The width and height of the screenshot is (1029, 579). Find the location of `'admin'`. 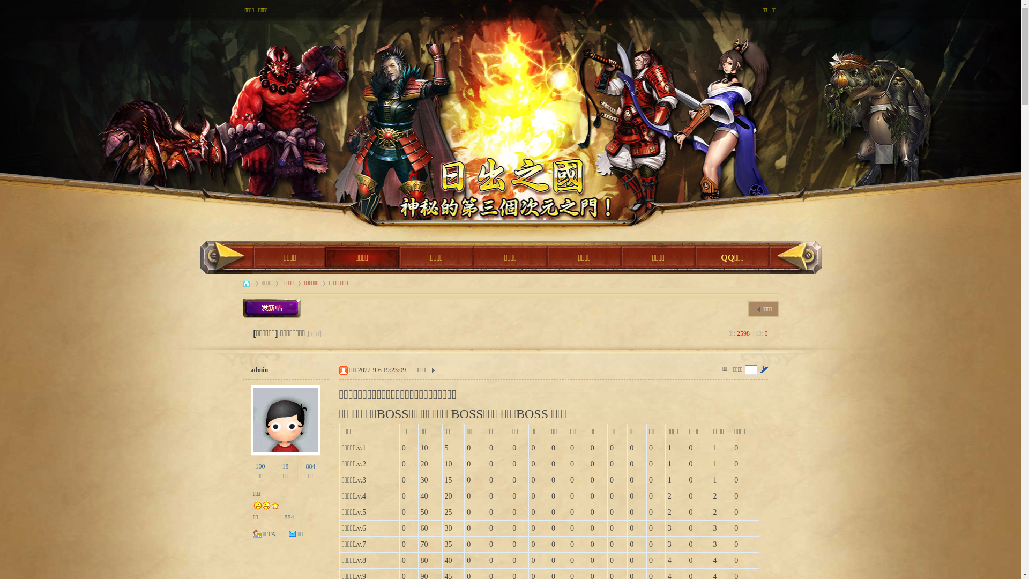

'admin' is located at coordinates (259, 369).